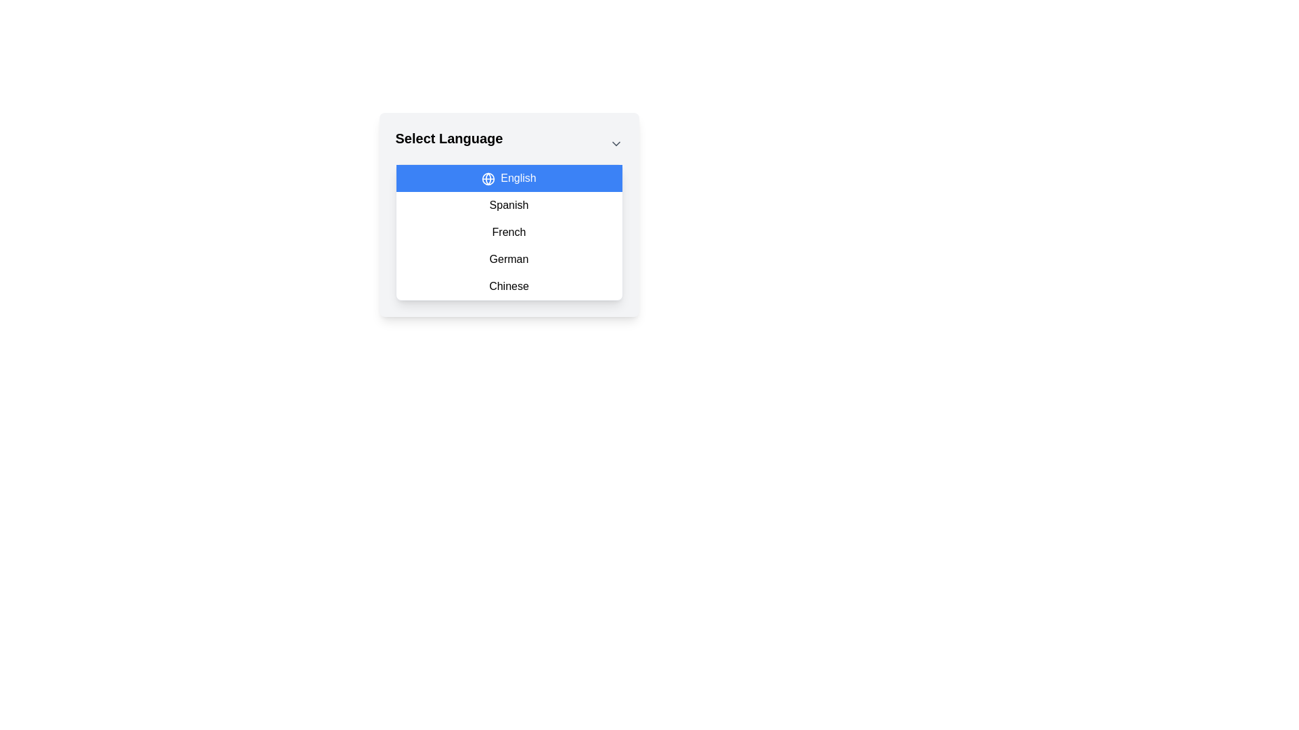 Image resolution: width=1299 pixels, height=730 pixels. I want to click on the 'English' button with a blue background and globe icon, so click(508, 177).